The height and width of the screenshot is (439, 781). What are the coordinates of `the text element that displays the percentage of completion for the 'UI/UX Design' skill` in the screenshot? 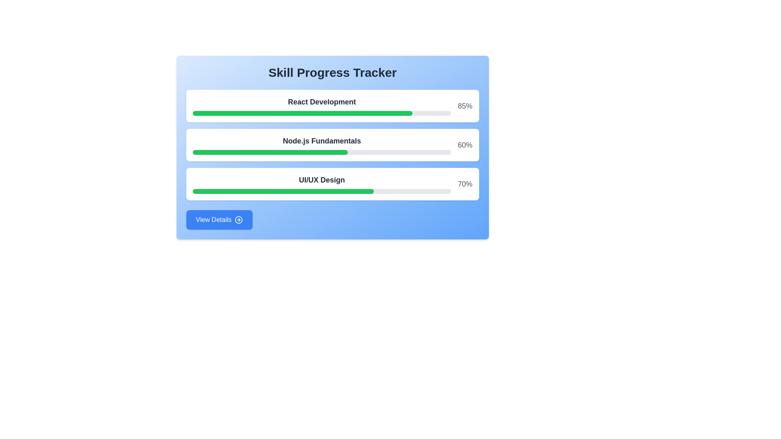 It's located at (465, 184).